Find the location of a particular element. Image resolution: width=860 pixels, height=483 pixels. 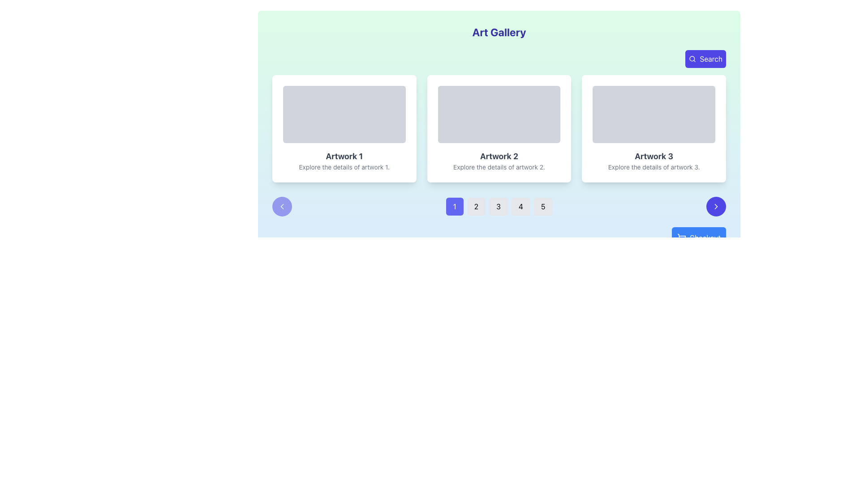

the fourth button styled as a rounded rectangle with a light gray background and dark text displaying the number '4' to change its background color is located at coordinates (520, 207).